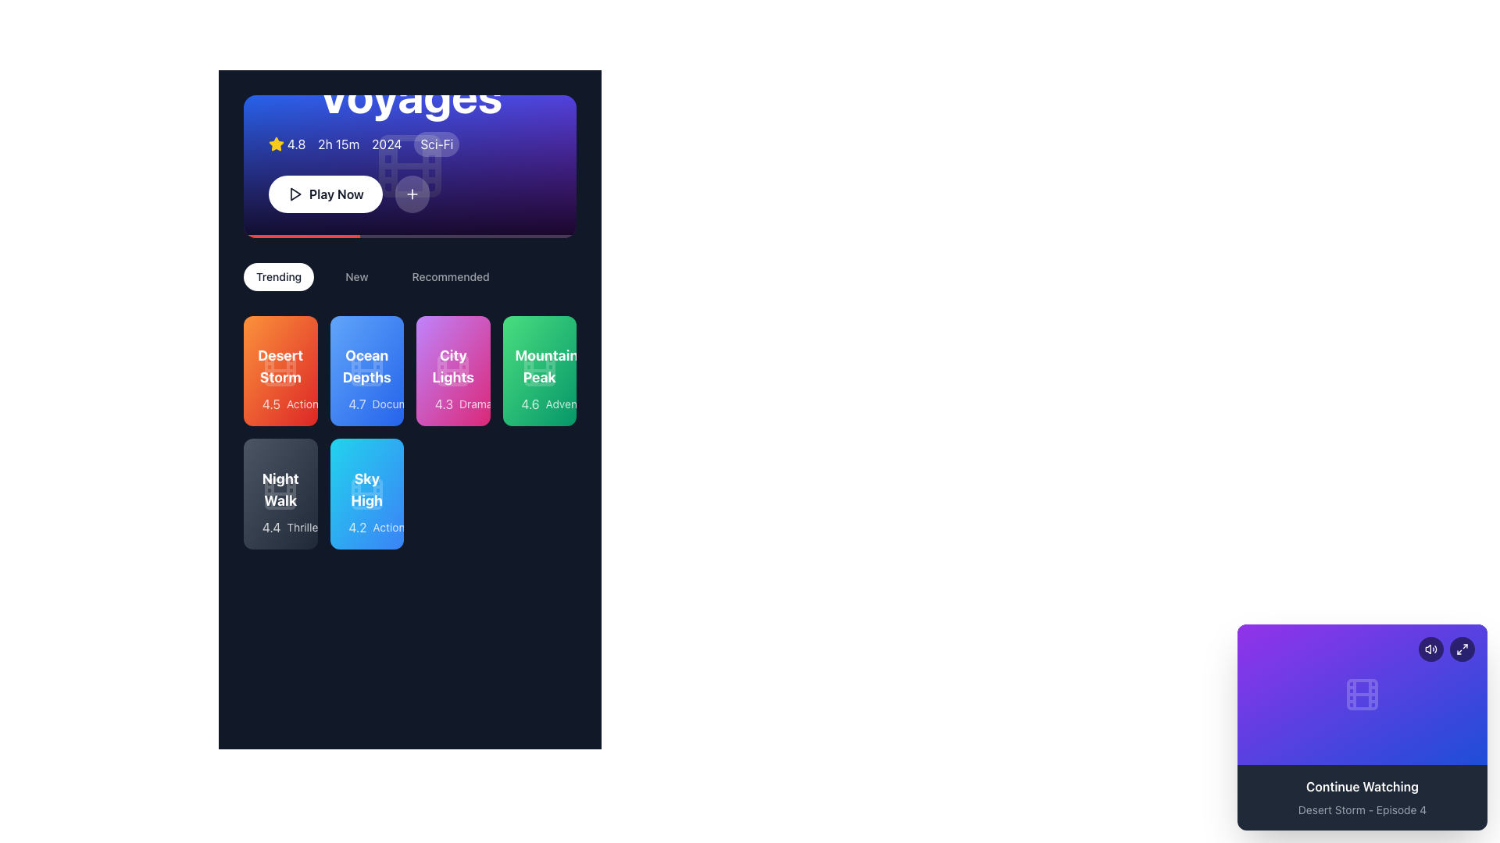  I want to click on the surrounding area of the progress bar located towards the left side of the thin white horizontal bar at the base of the upper blue section containing the video preview and controls, so click(302, 236).